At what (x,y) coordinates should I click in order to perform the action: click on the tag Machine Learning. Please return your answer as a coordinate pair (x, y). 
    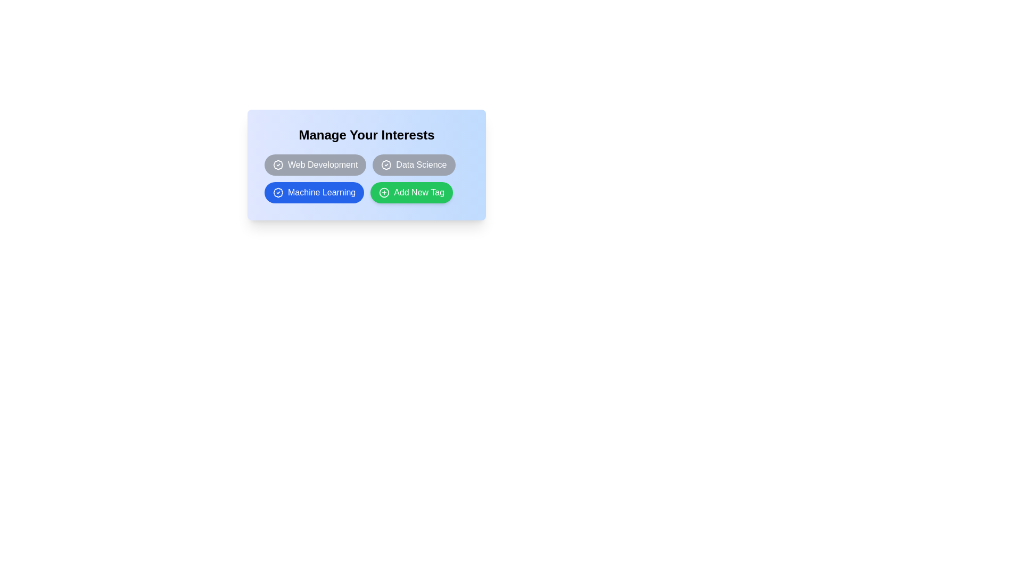
    Looking at the image, I should click on (314, 193).